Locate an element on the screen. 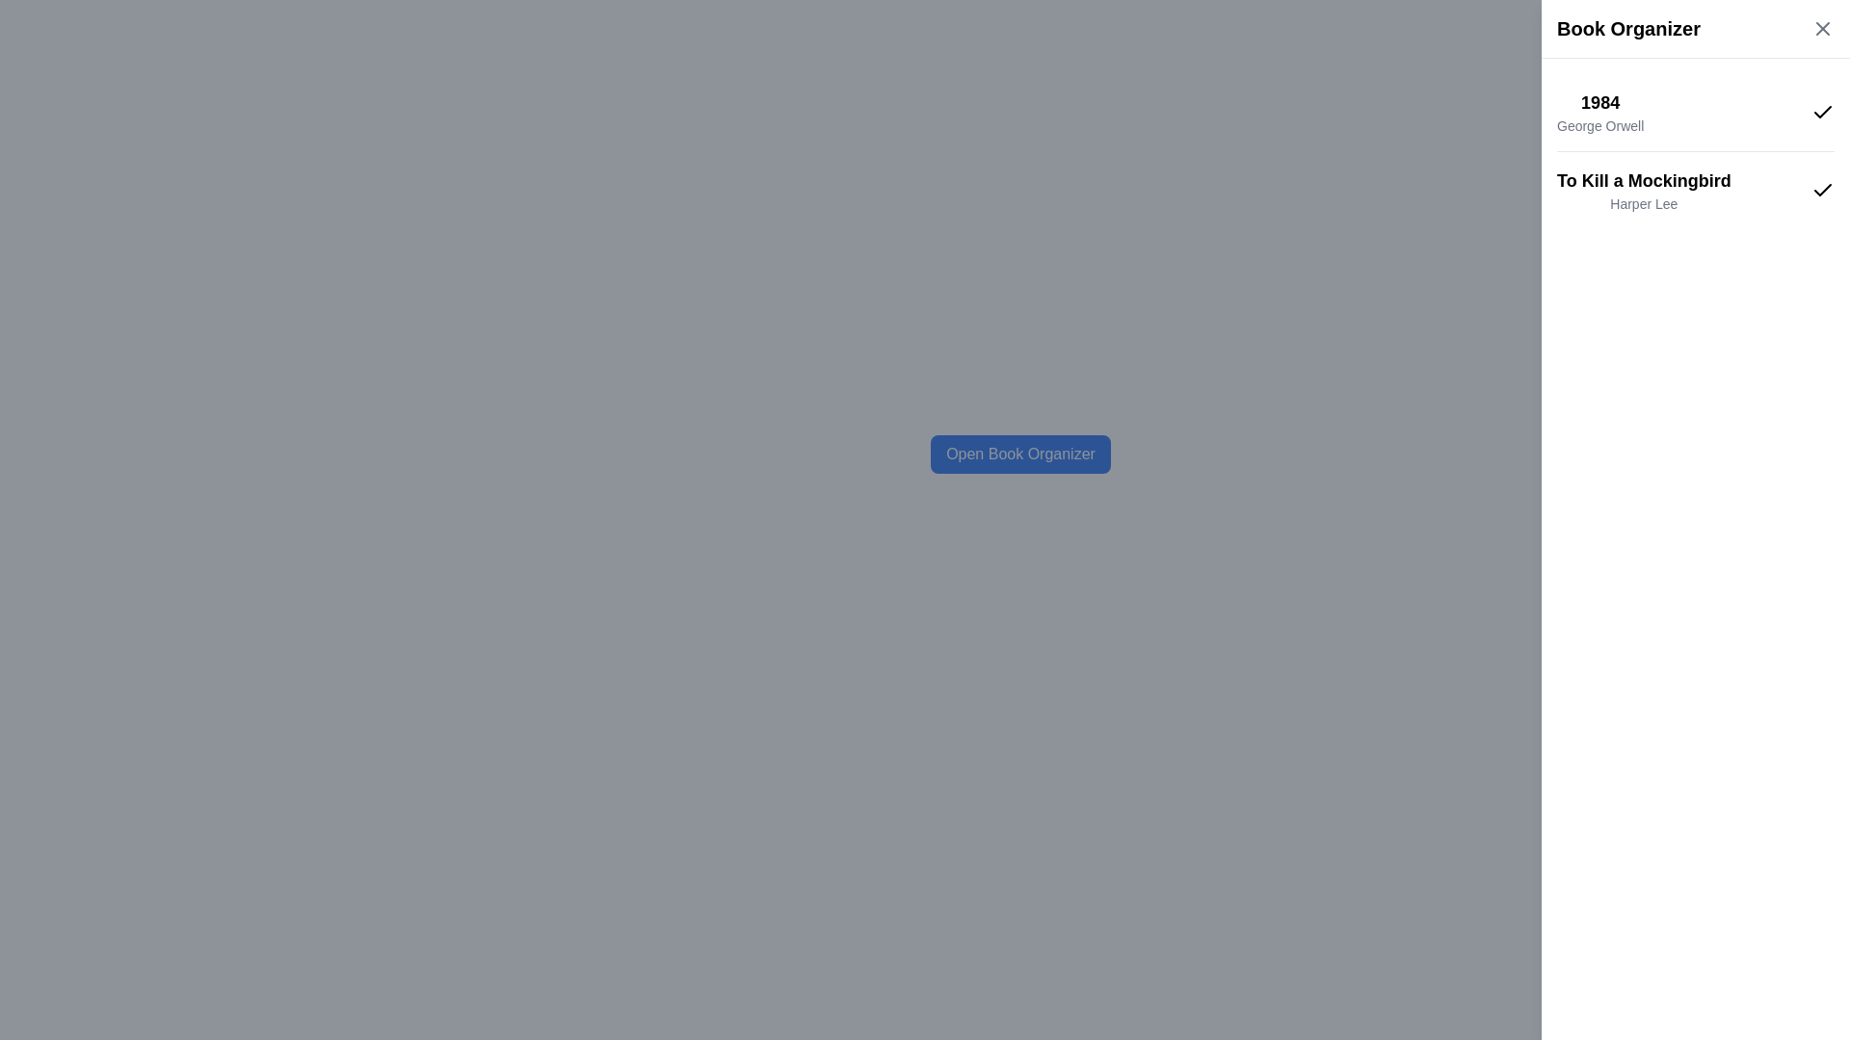  the non-interactive text label displaying the author's name for the book '1984' located under the title in the Book Organizer interface is located at coordinates (1600, 126).